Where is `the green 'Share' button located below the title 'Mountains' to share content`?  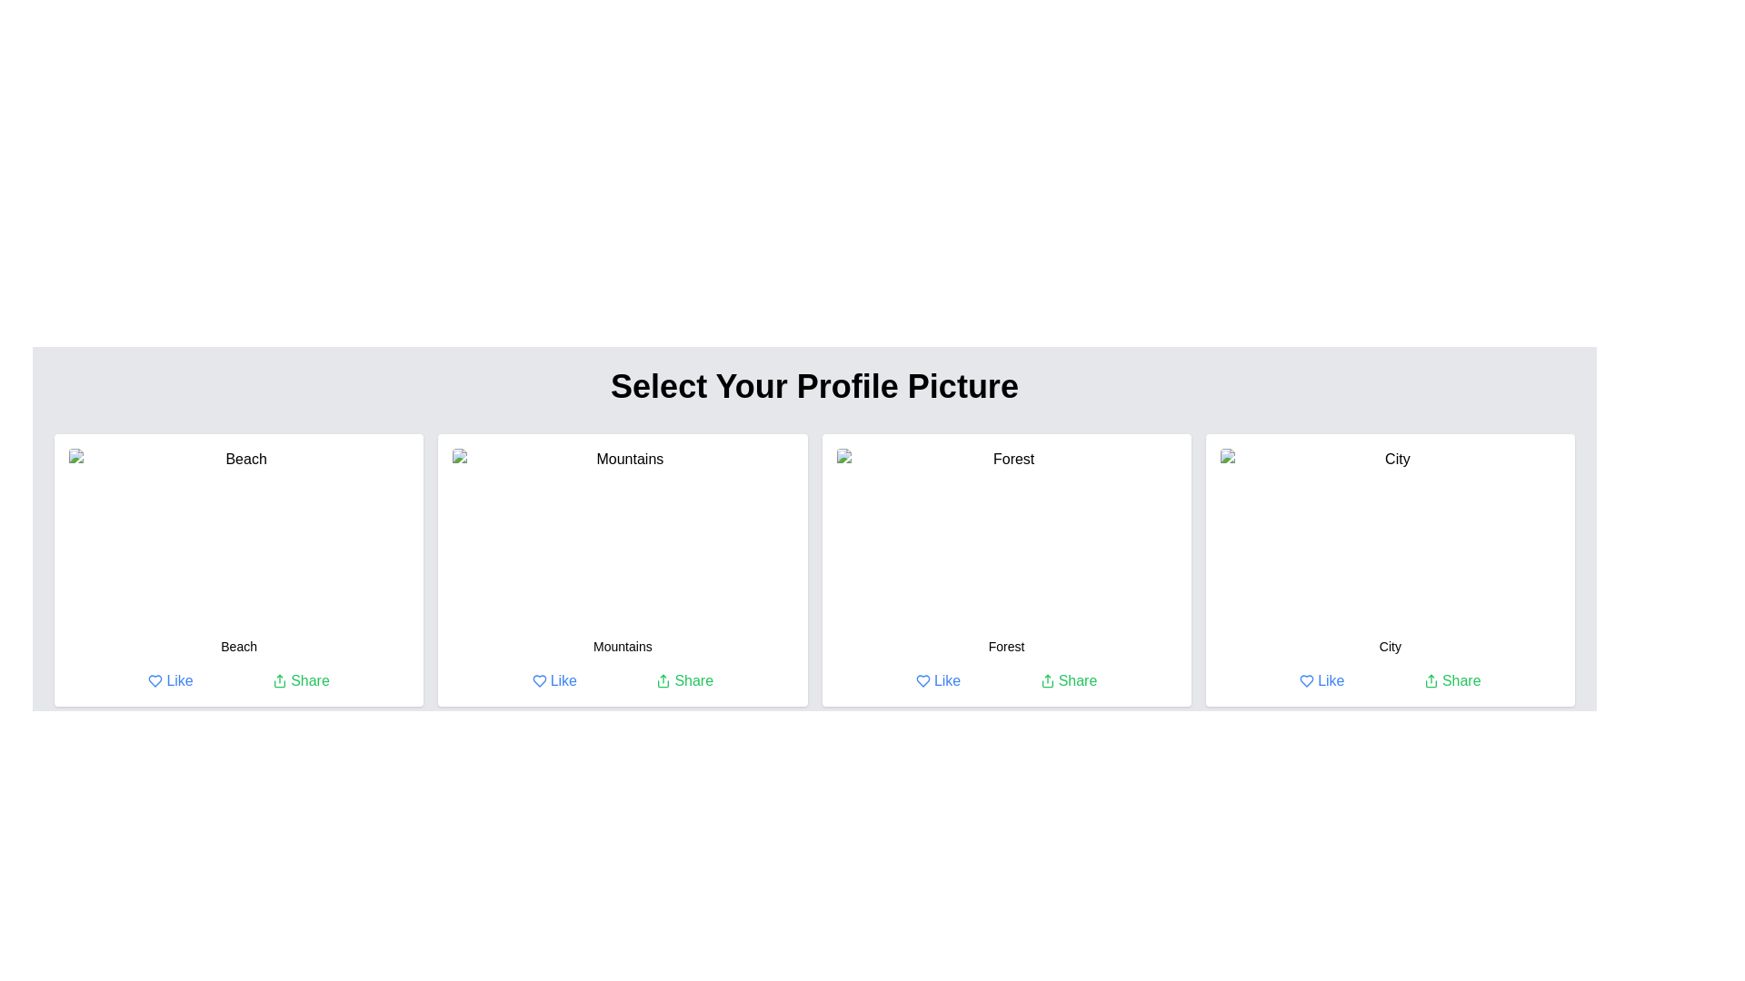
the green 'Share' button located below the title 'Mountains' to share content is located at coordinates (683, 680).